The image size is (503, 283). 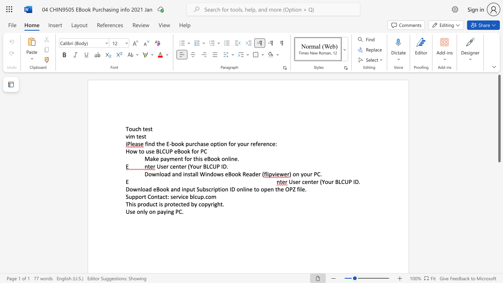 What do you see at coordinates (206, 166) in the screenshot?
I see `the subset text "LCUP ID" within the text "User center (Your BLCUP ID."` at bounding box center [206, 166].